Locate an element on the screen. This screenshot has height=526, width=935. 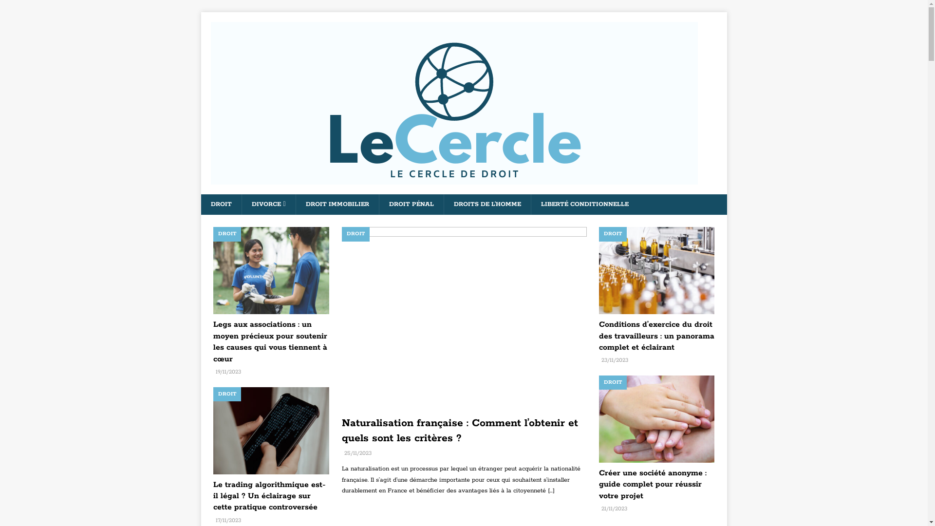
'DROIT IMMOBILIER' is located at coordinates (337, 204).